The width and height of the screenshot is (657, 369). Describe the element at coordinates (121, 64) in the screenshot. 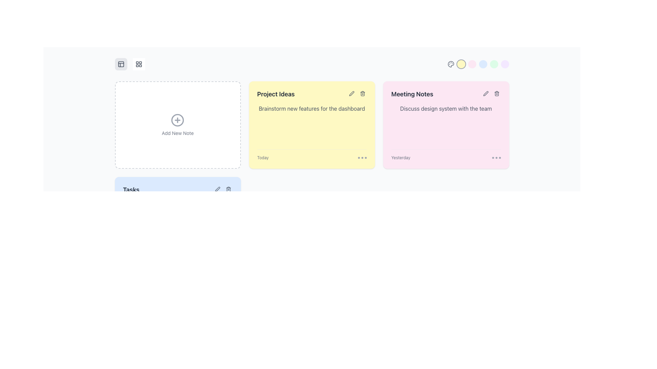

I see `the gray rectangular button with rounded corners and a grid layout icon` at that location.